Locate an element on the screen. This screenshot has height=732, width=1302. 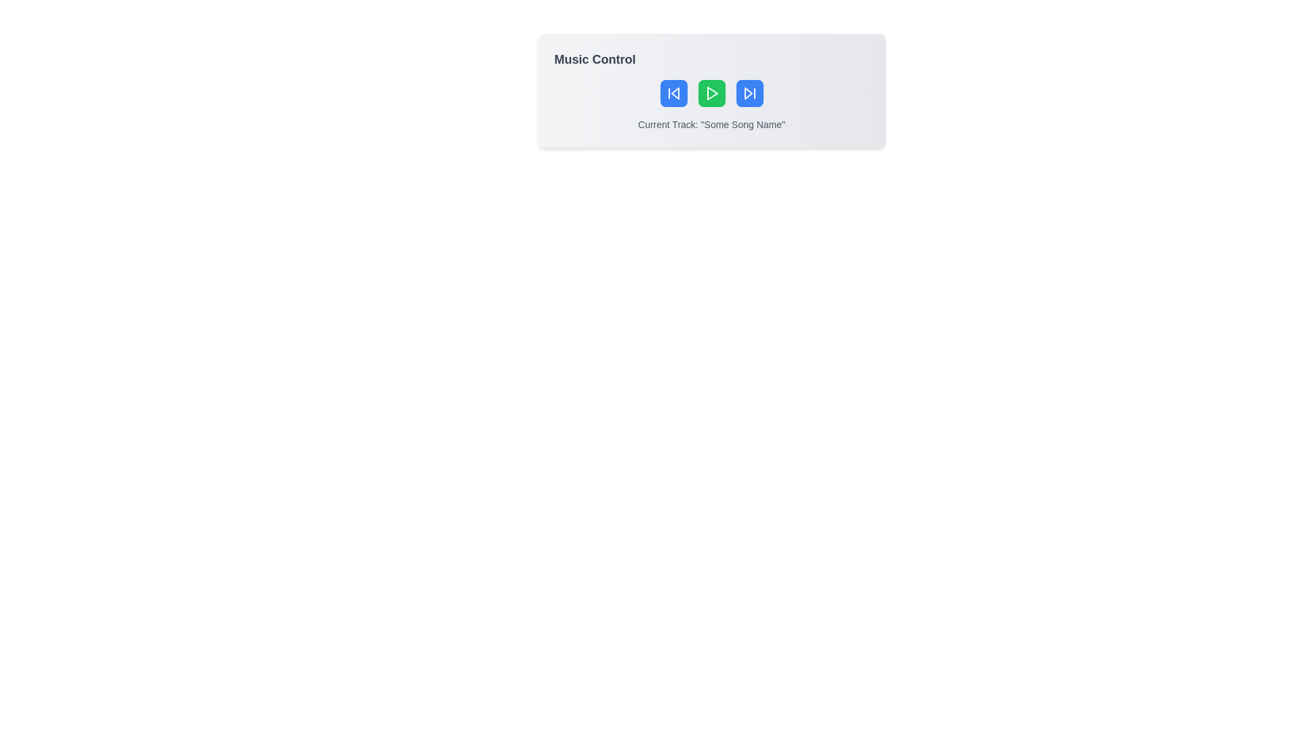
the blue button with rounded corners and a left-pointing arrow icon is located at coordinates (673, 93).